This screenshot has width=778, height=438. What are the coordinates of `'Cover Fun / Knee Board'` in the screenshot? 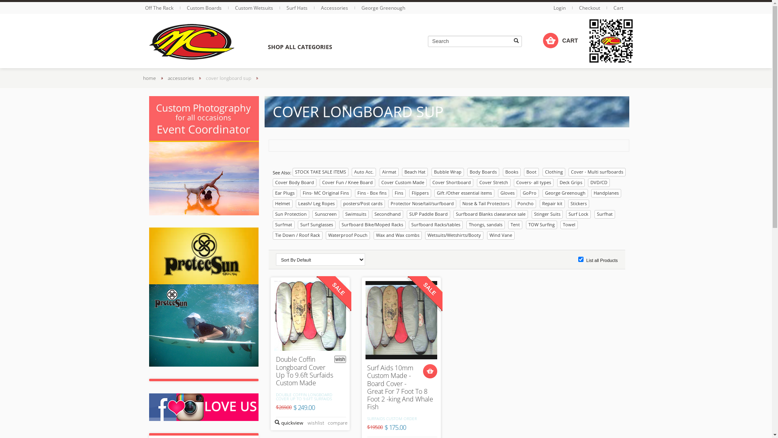 It's located at (347, 182).